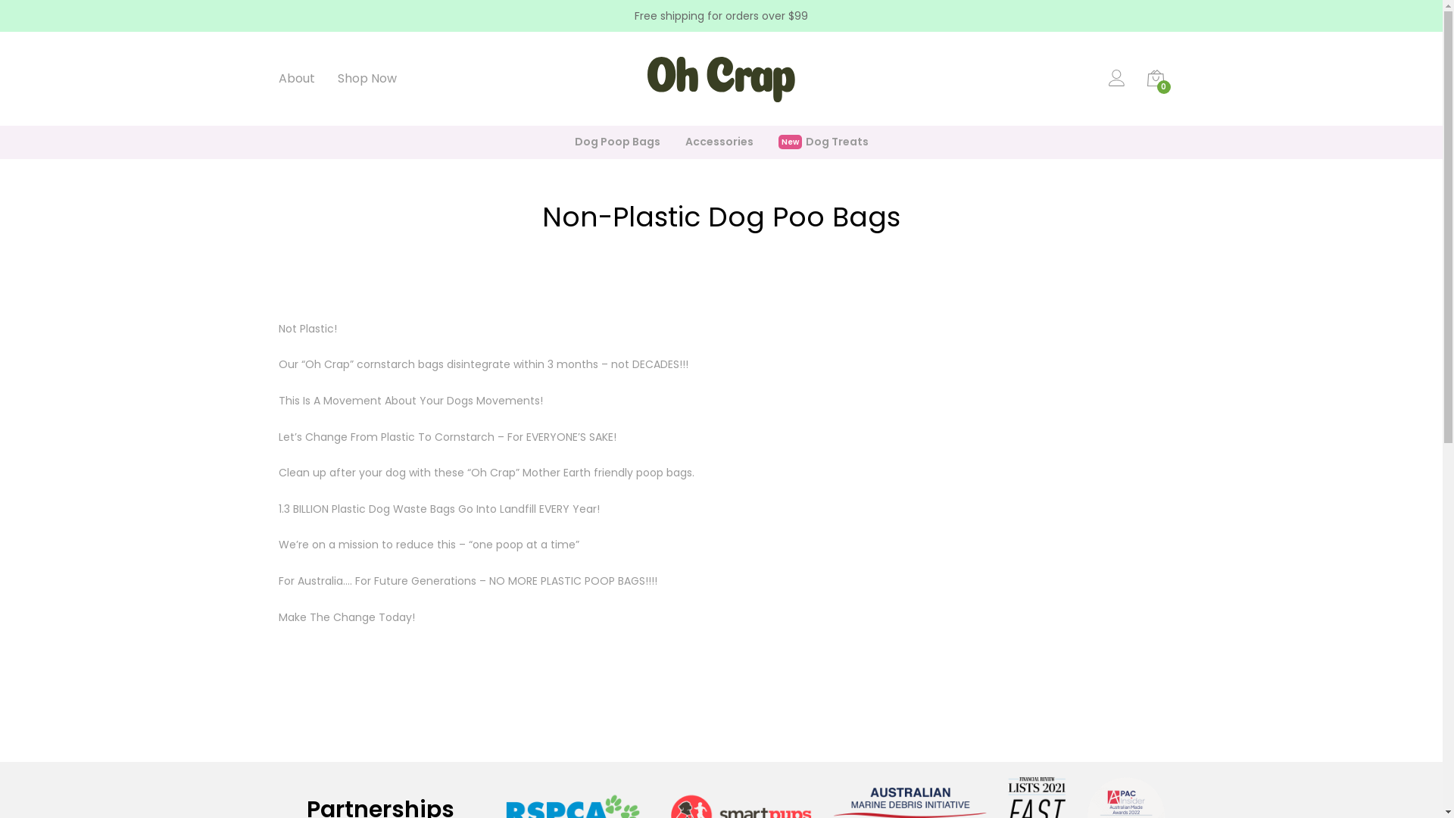  What do you see at coordinates (1155, 82) in the screenshot?
I see `'0'` at bounding box center [1155, 82].